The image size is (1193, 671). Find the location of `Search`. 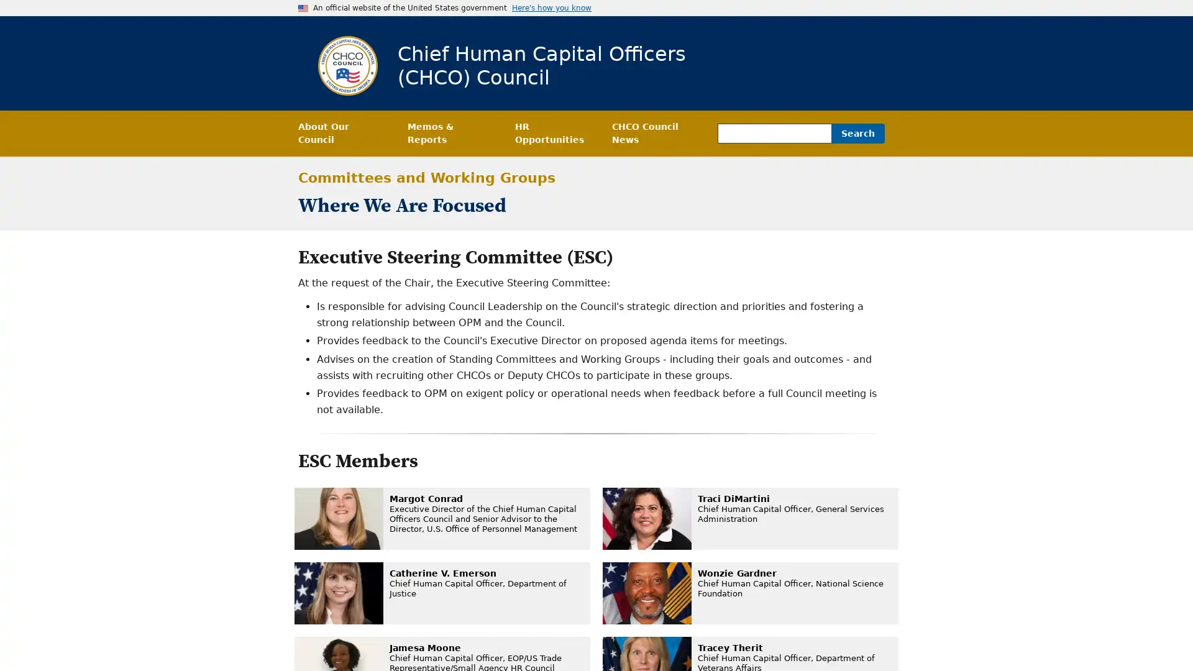

Search is located at coordinates (857, 134).